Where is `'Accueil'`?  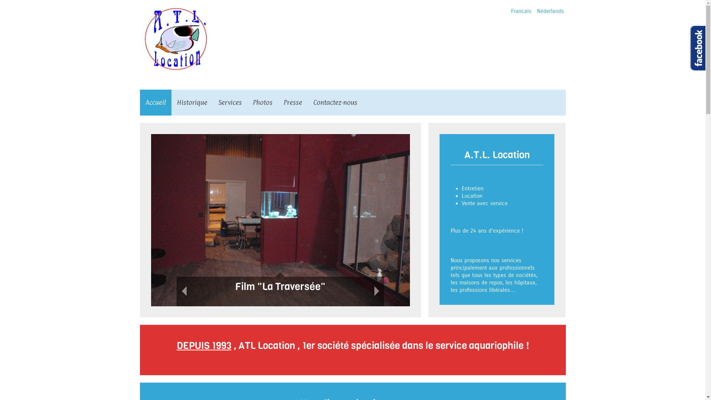 'Accueil' is located at coordinates (140, 103).